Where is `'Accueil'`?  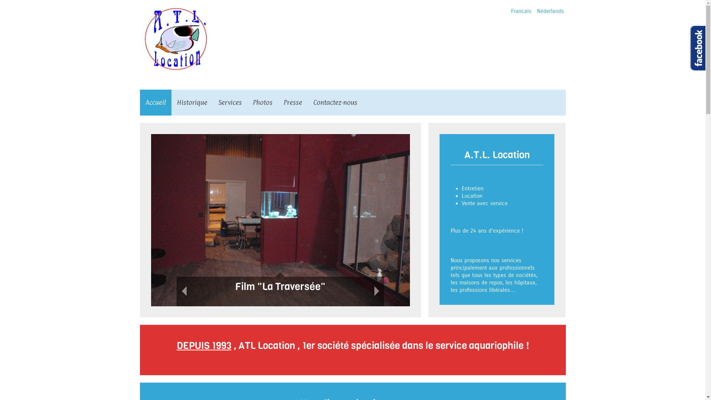 'Accueil' is located at coordinates (140, 103).